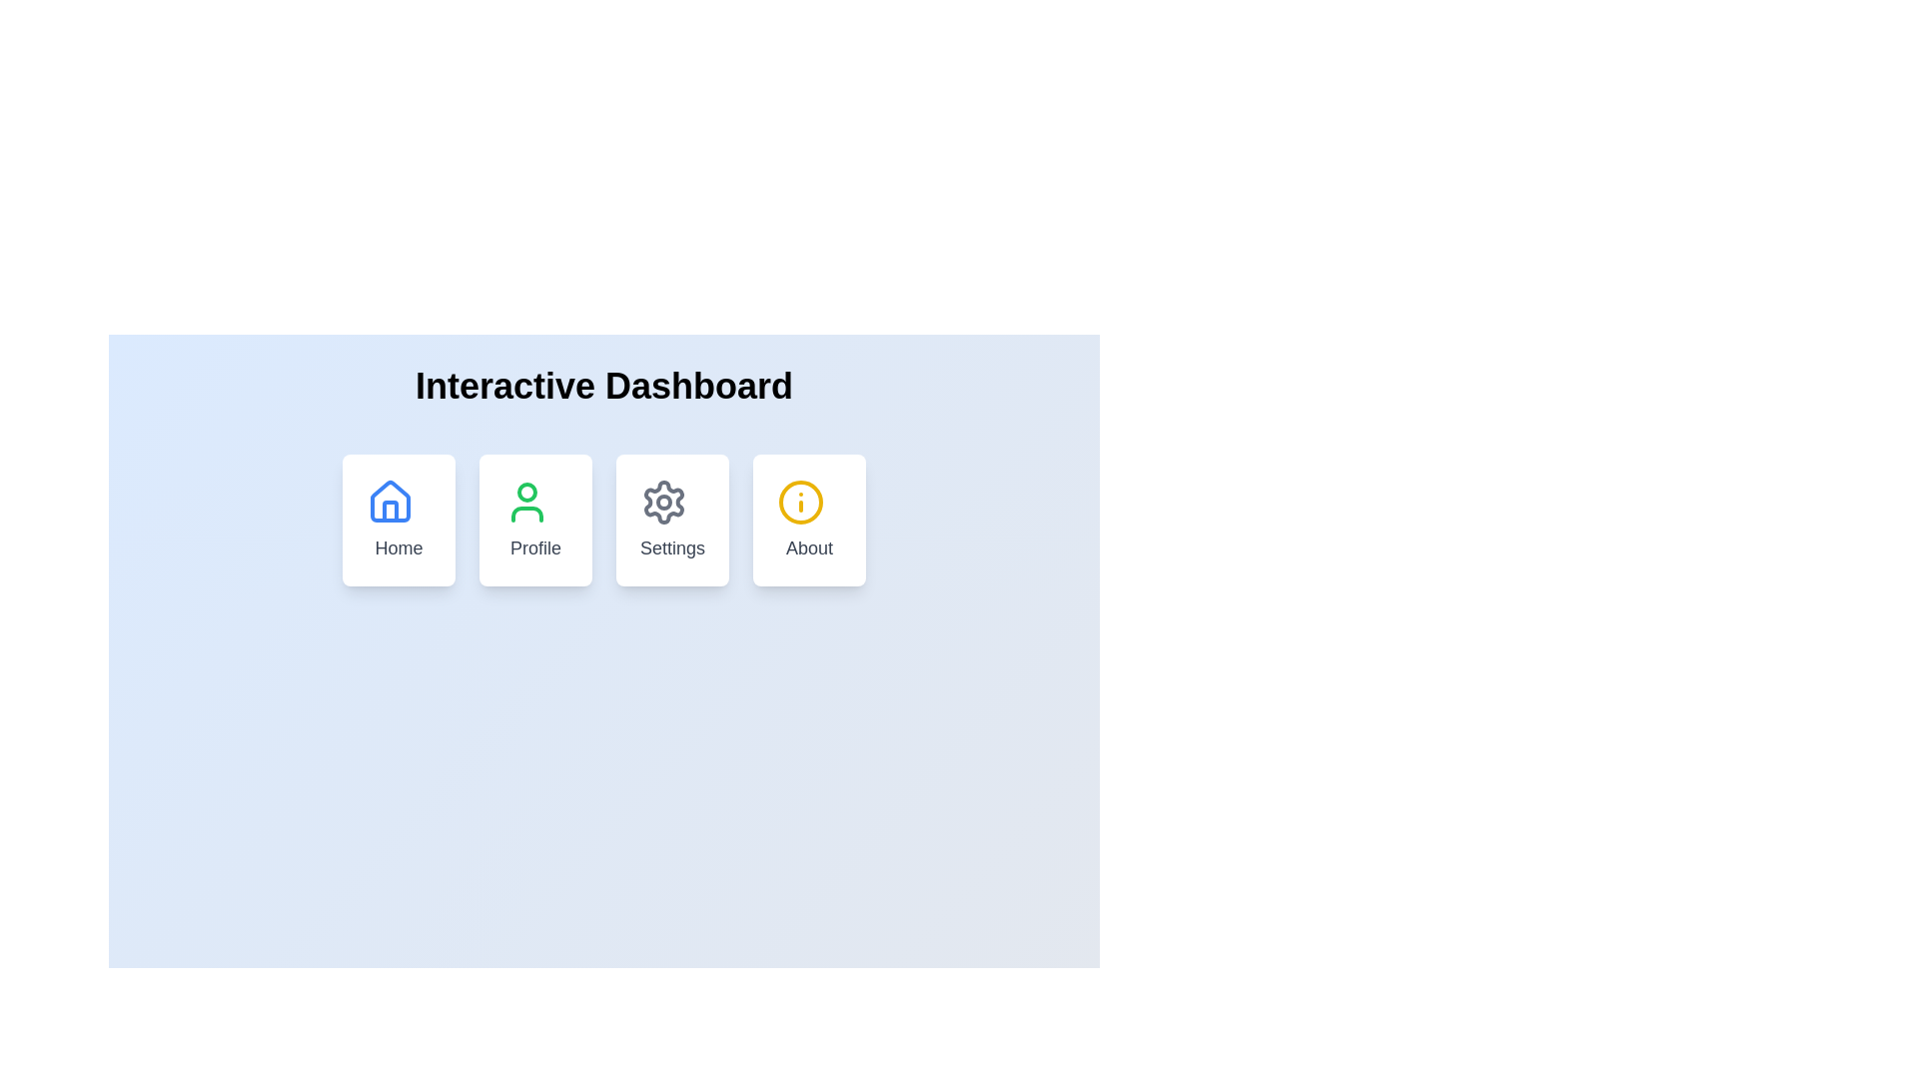  What do you see at coordinates (390, 501) in the screenshot?
I see `the house icon representing navigation on the card labeled 'Home' at the top-center of the Interactive Dashboard` at bounding box center [390, 501].